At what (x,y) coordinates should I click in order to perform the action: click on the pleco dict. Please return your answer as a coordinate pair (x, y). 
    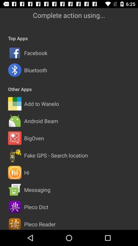
    Looking at the image, I should click on (36, 207).